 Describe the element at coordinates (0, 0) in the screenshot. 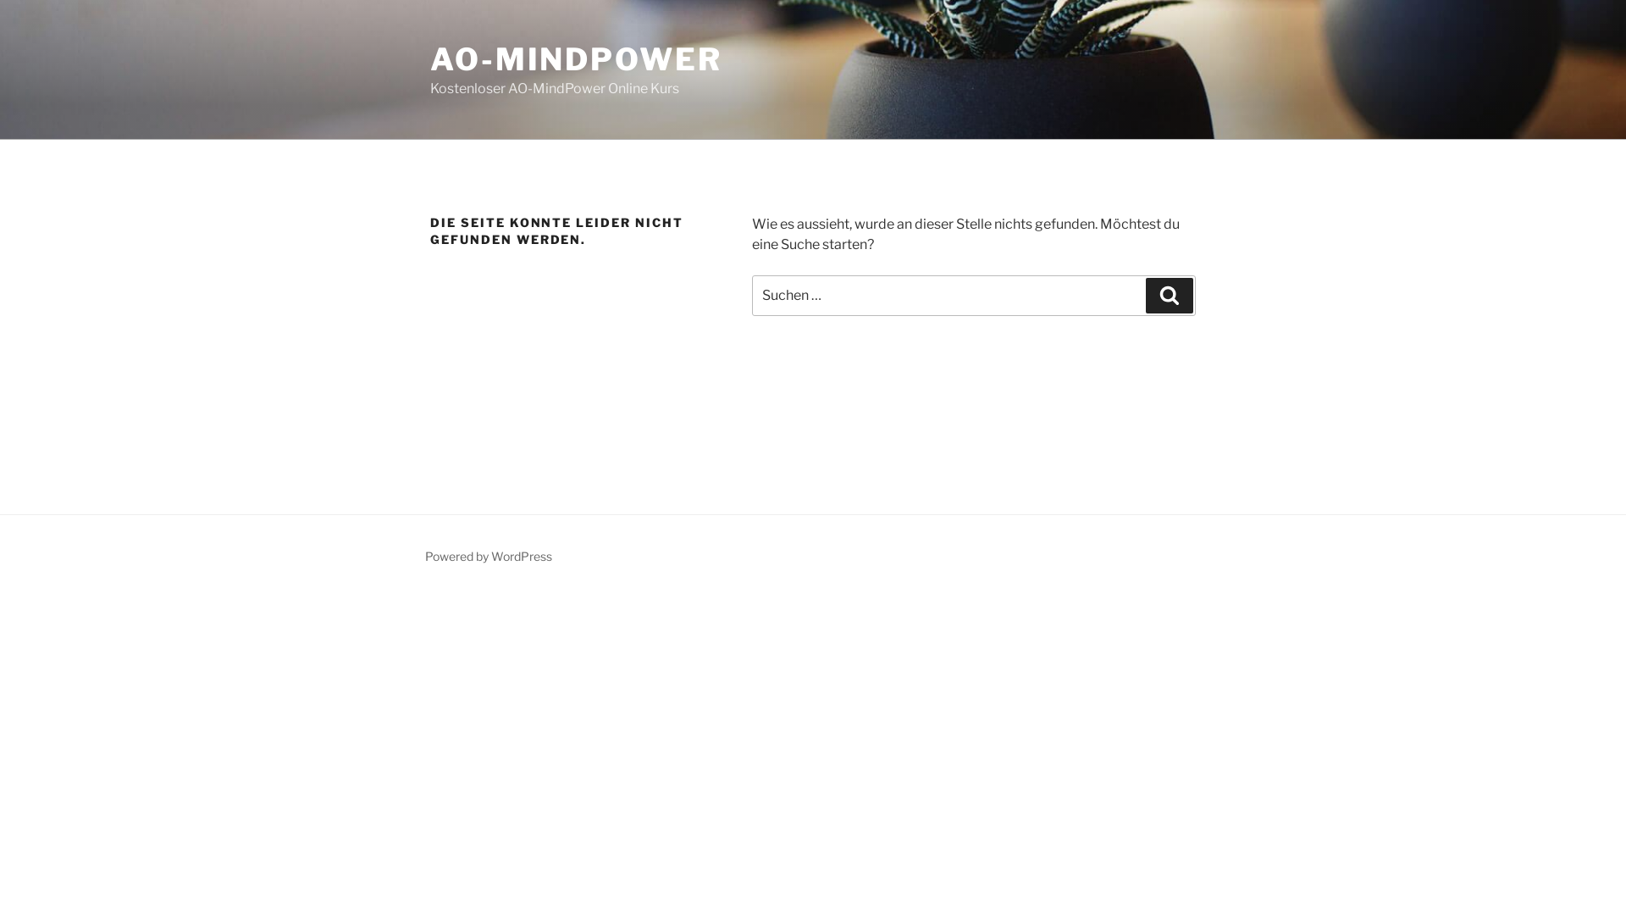

I see `'Zum Inhalt springen'` at that location.